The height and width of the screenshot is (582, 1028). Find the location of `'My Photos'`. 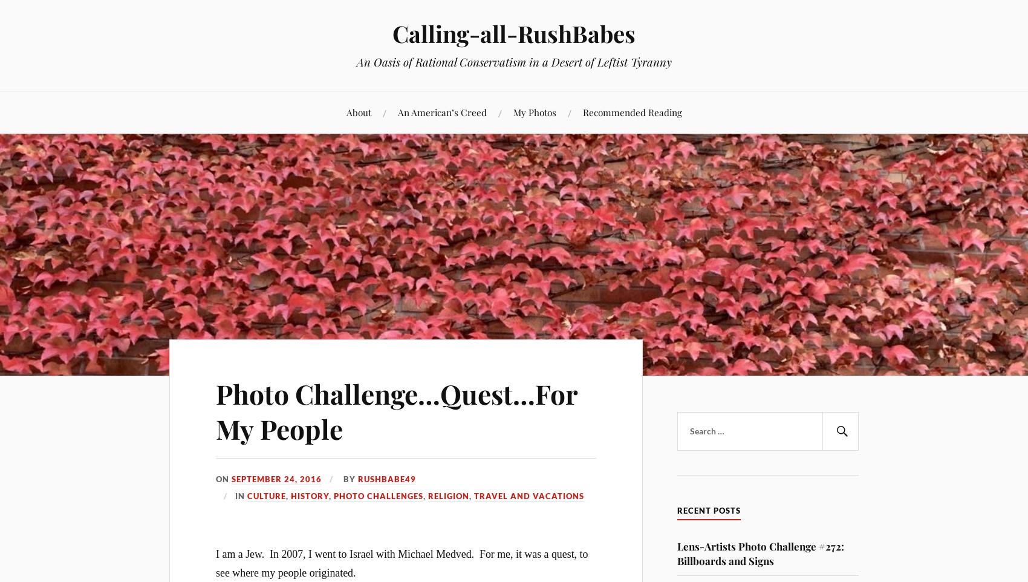

'My Photos' is located at coordinates (534, 111).